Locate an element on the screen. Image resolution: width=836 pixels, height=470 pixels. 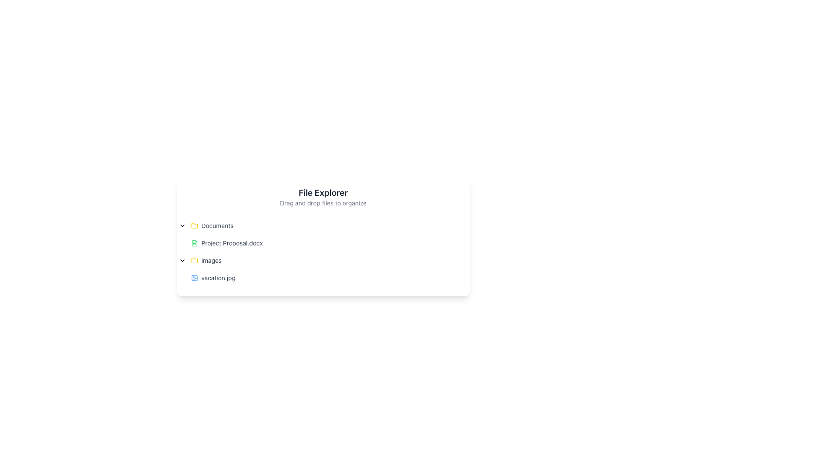
the 'Project Proposal.docx' file item is located at coordinates (317, 243).